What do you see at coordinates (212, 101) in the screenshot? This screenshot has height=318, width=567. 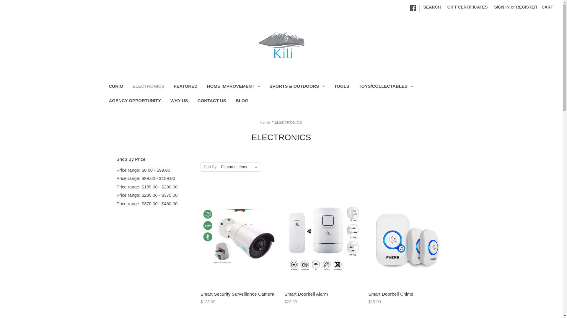 I see `'CONTACT US'` at bounding box center [212, 101].